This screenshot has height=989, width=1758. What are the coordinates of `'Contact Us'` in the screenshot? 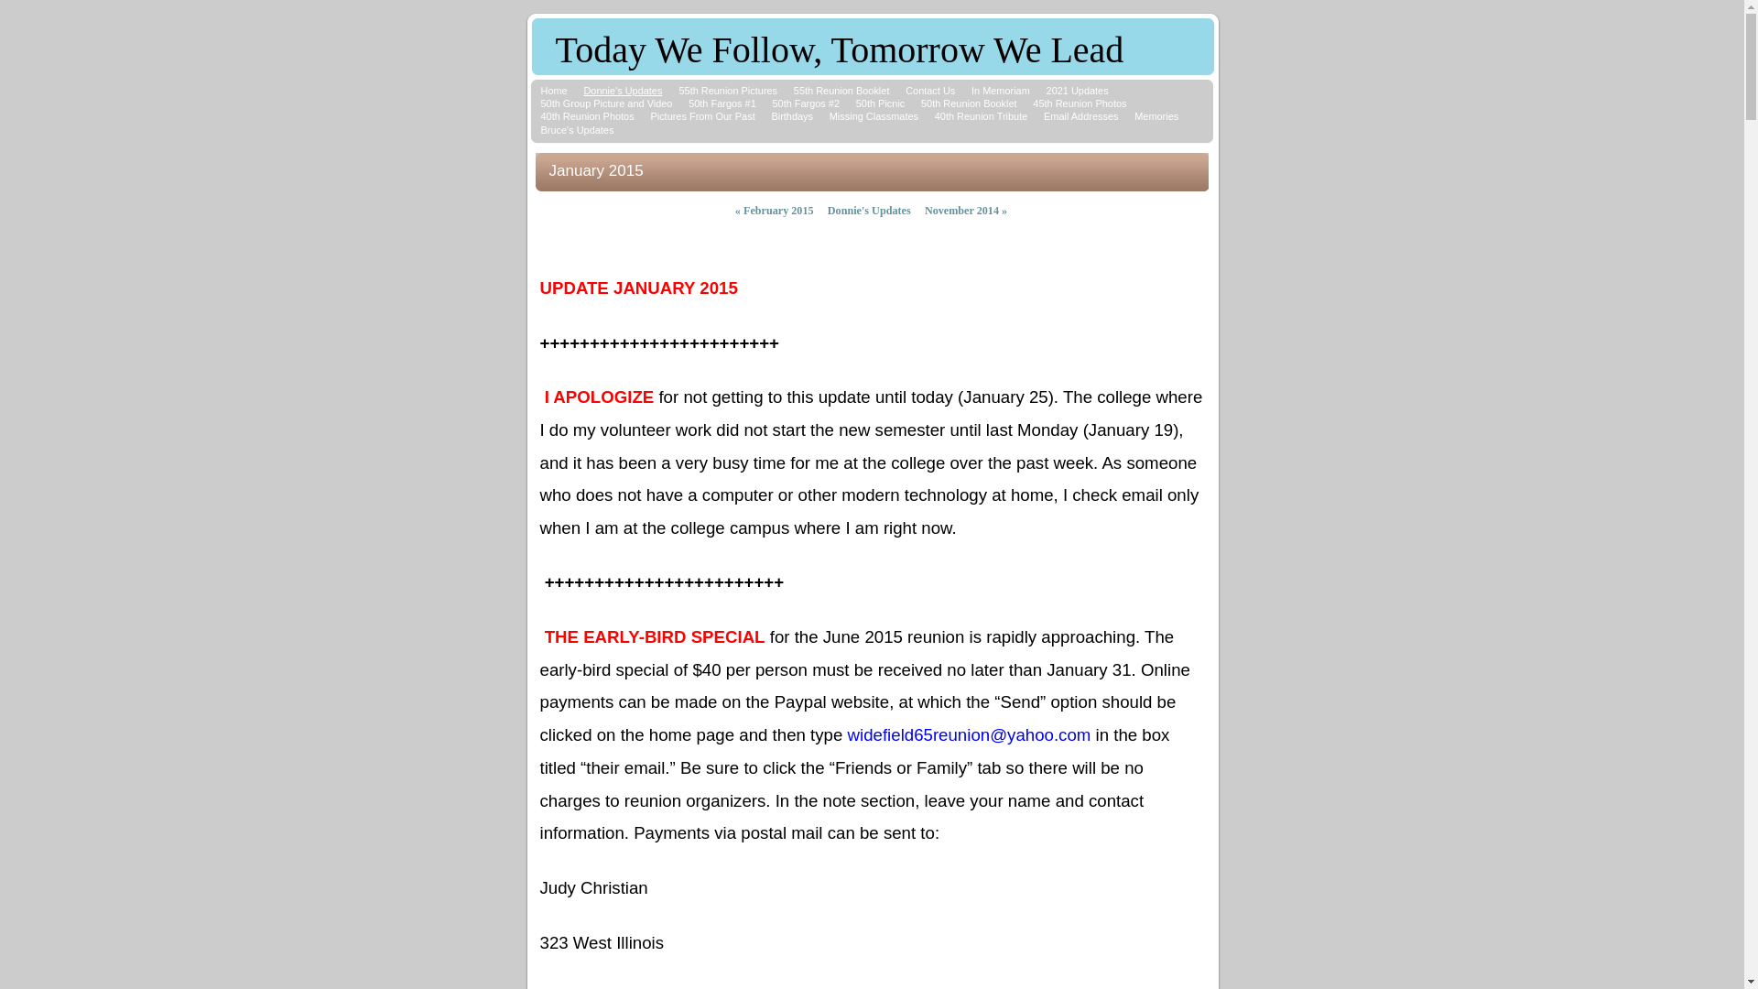 It's located at (905, 91).